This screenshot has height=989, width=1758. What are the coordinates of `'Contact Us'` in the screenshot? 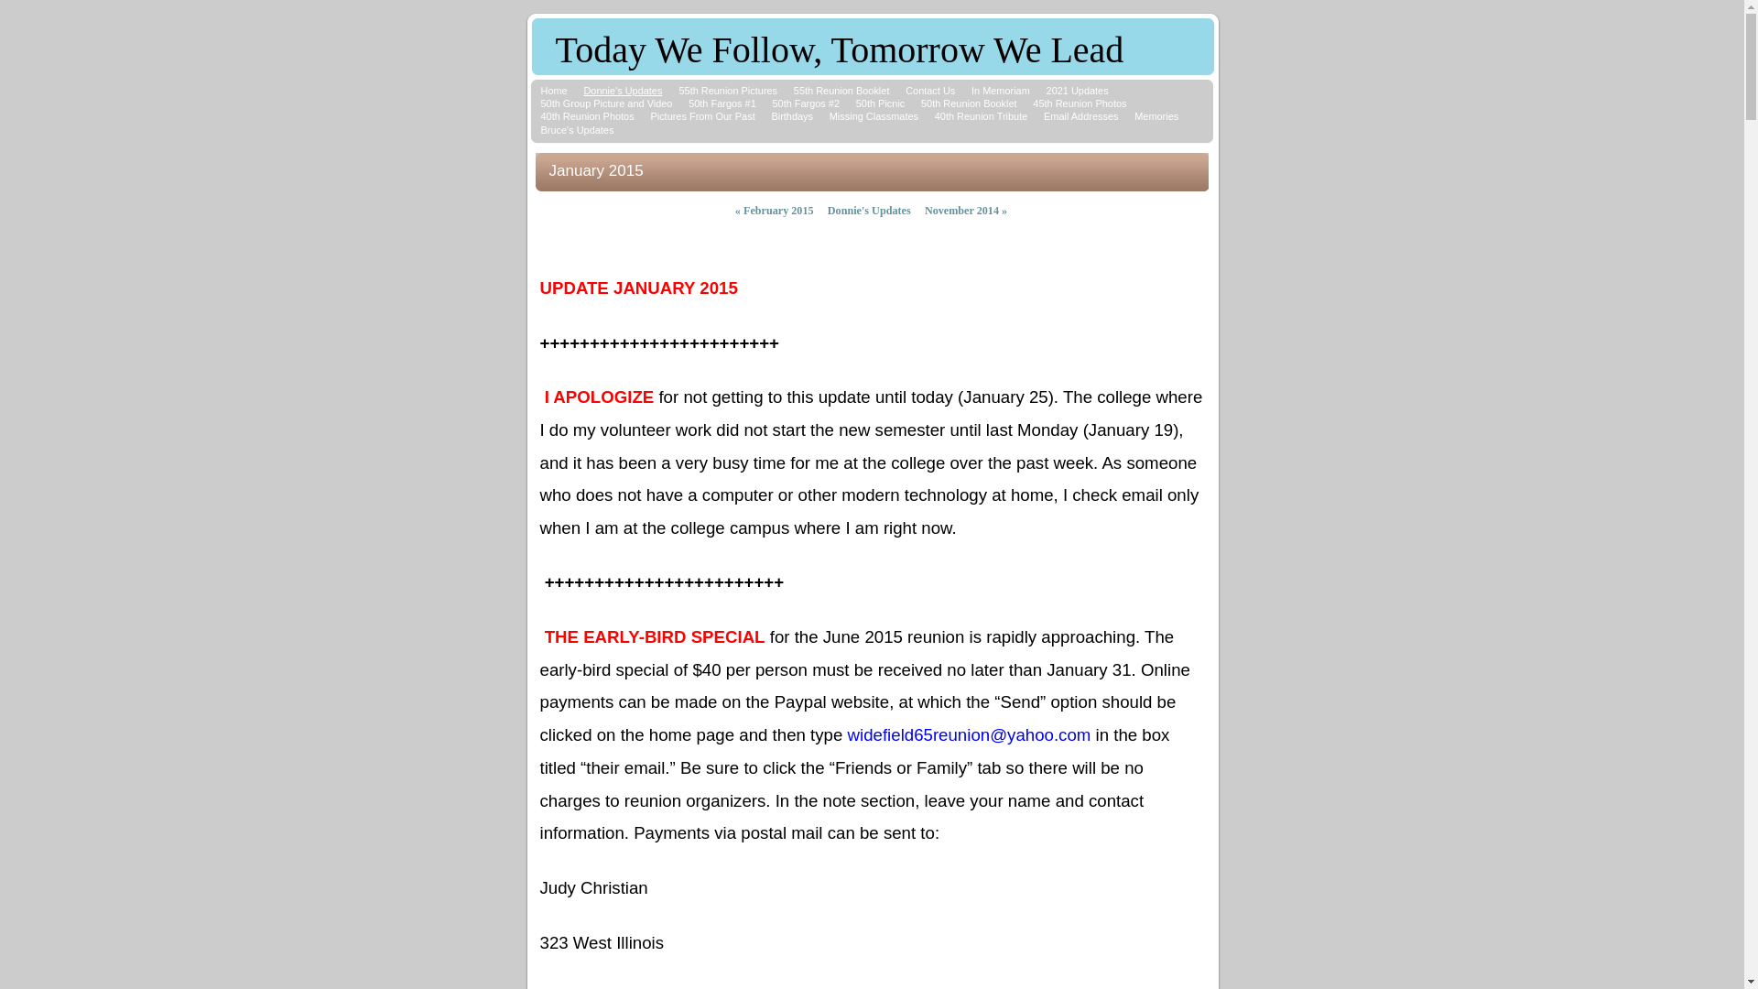 It's located at (905, 91).